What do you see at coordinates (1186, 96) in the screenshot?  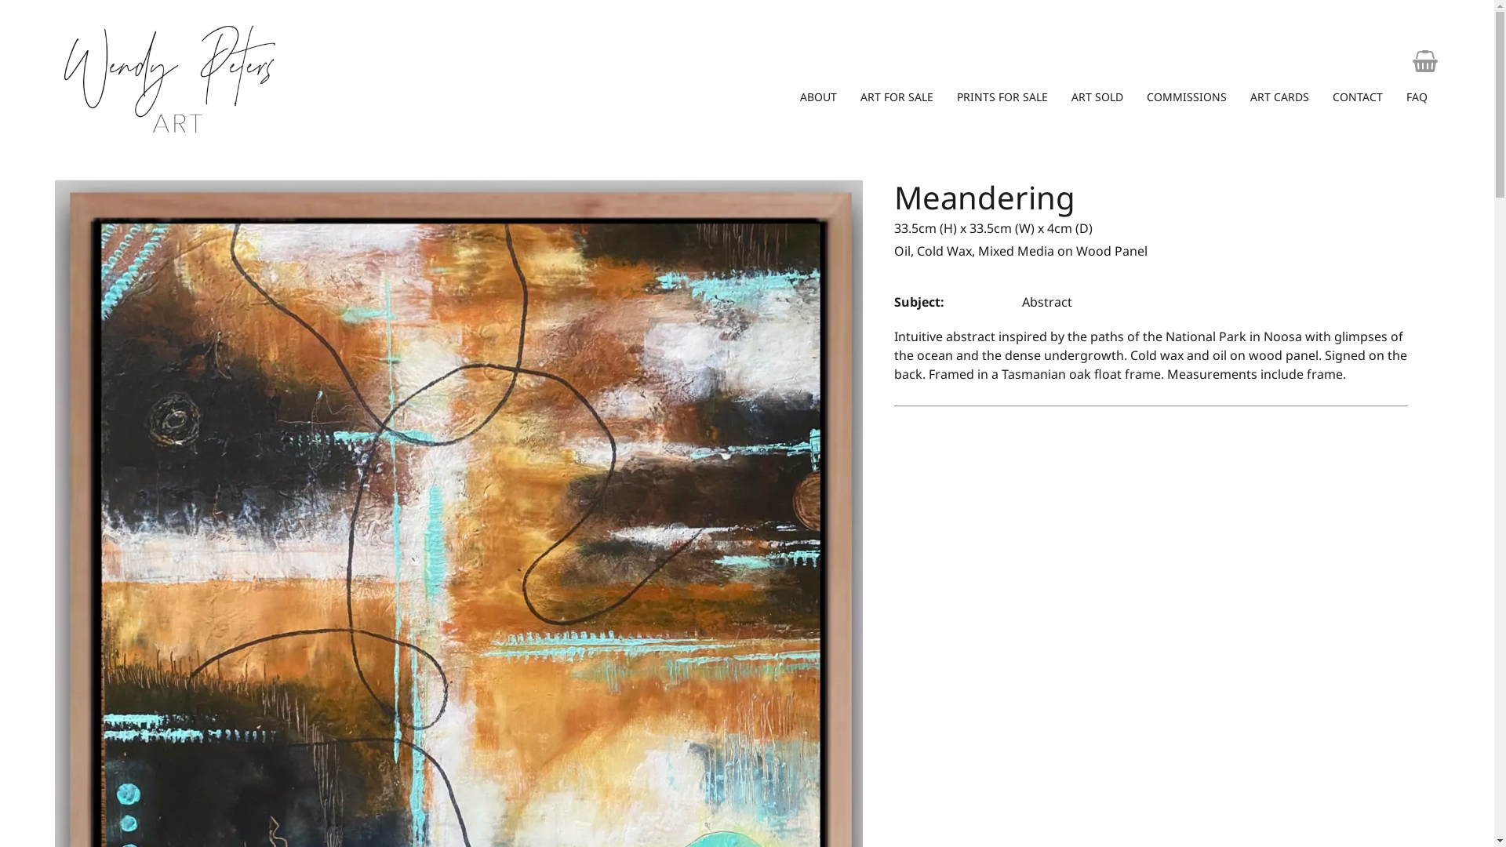 I see `'COMMISSIONS'` at bounding box center [1186, 96].